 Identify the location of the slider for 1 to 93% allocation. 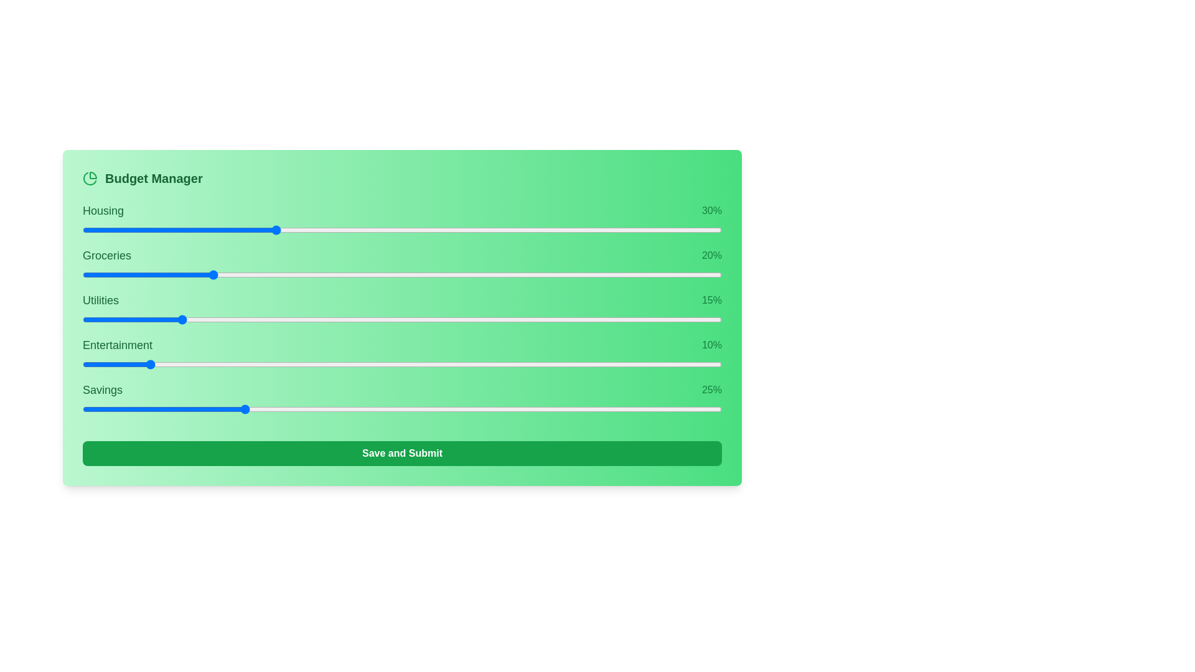
(699, 274).